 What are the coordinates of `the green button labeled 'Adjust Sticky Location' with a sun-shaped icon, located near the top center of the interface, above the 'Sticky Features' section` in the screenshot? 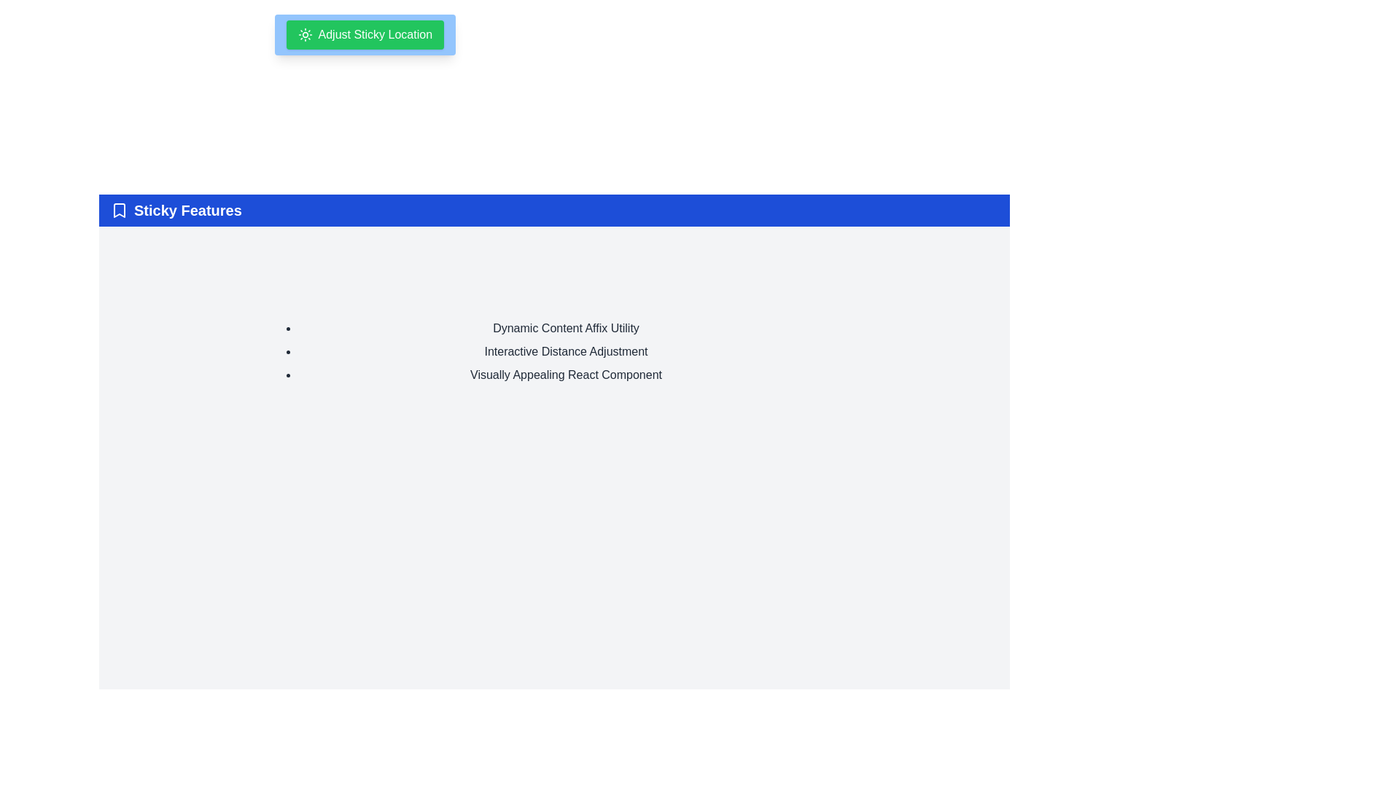 It's located at (365, 34).